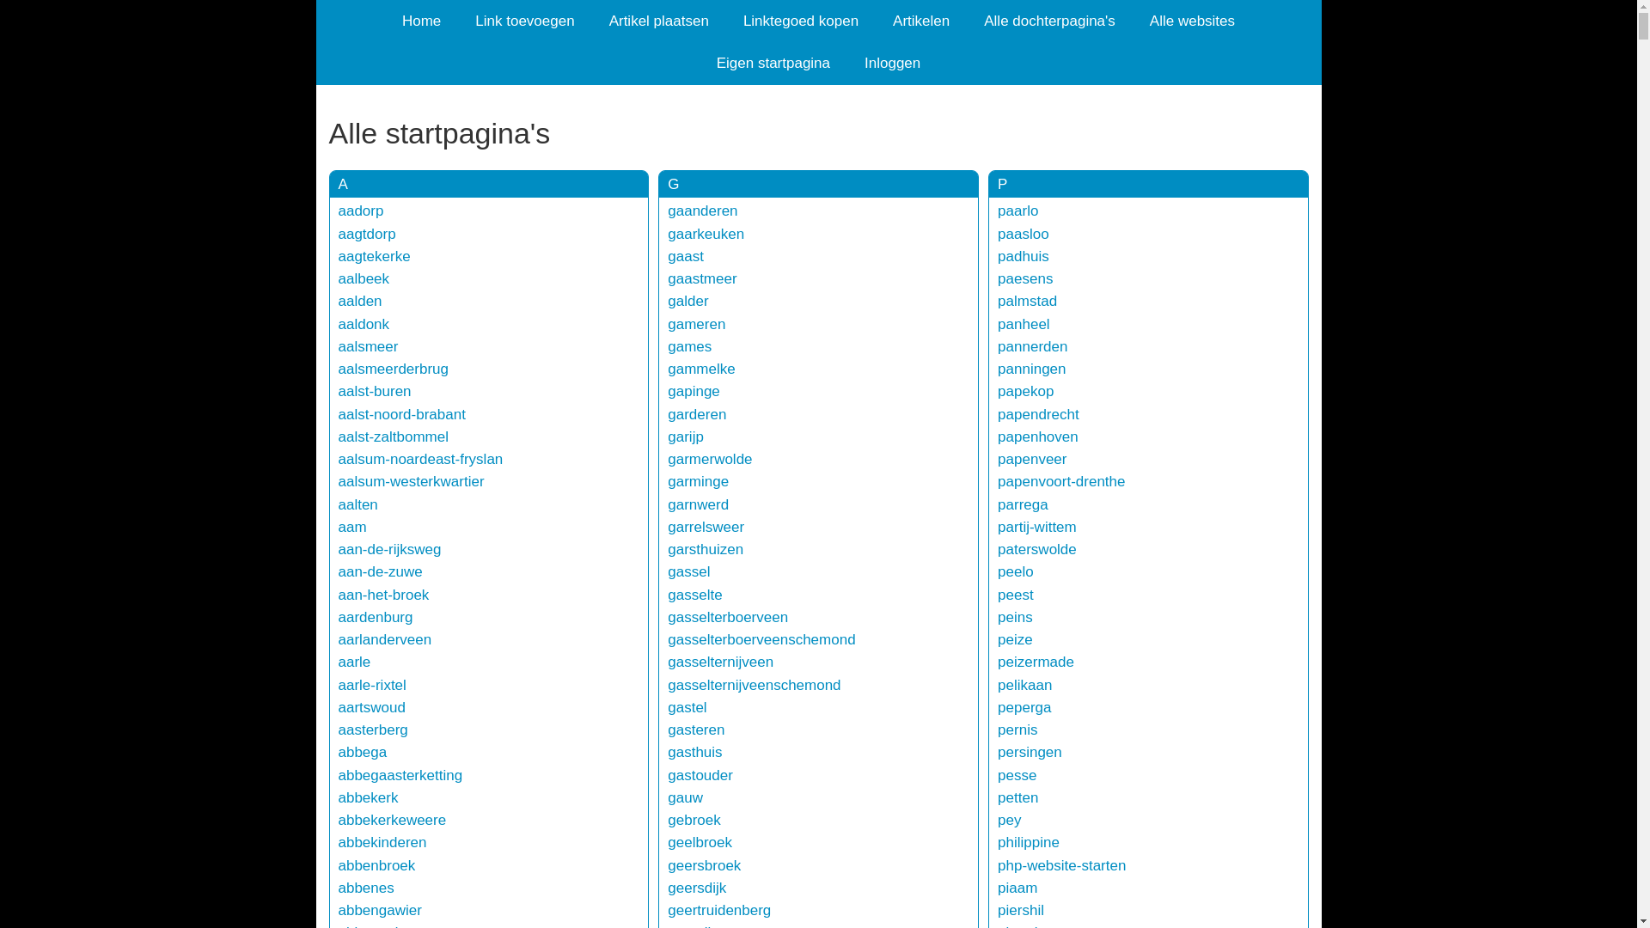  Describe the element at coordinates (411, 481) in the screenshot. I see `'aalsum-westerkwartier'` at that location.